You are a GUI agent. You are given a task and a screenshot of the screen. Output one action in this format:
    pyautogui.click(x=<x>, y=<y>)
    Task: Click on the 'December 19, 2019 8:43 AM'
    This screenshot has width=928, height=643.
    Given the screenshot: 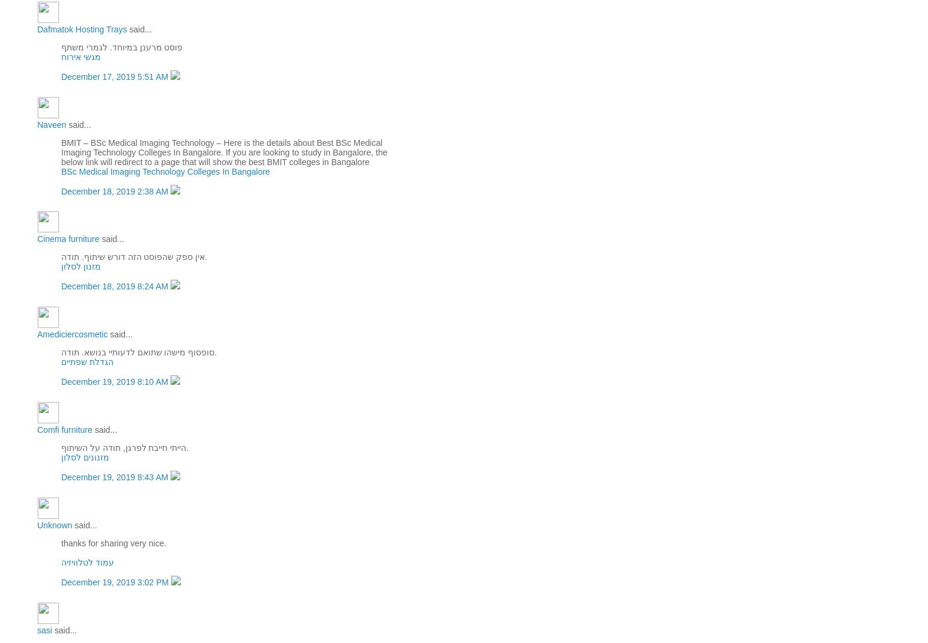 What is the action you would take?
    pyautogui.click(x=115, y=477)
    